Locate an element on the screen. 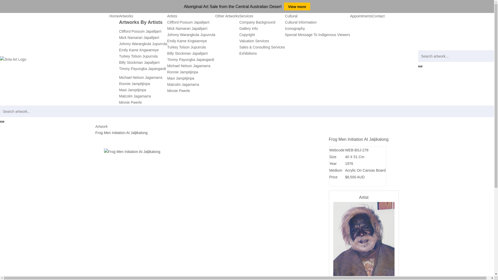  'Sales & Consulting Services' is located at coordinates (262, 47).